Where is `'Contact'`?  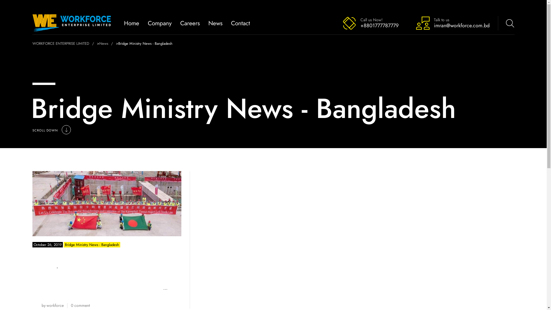
'Contact' is located at coordinates (240, 23).